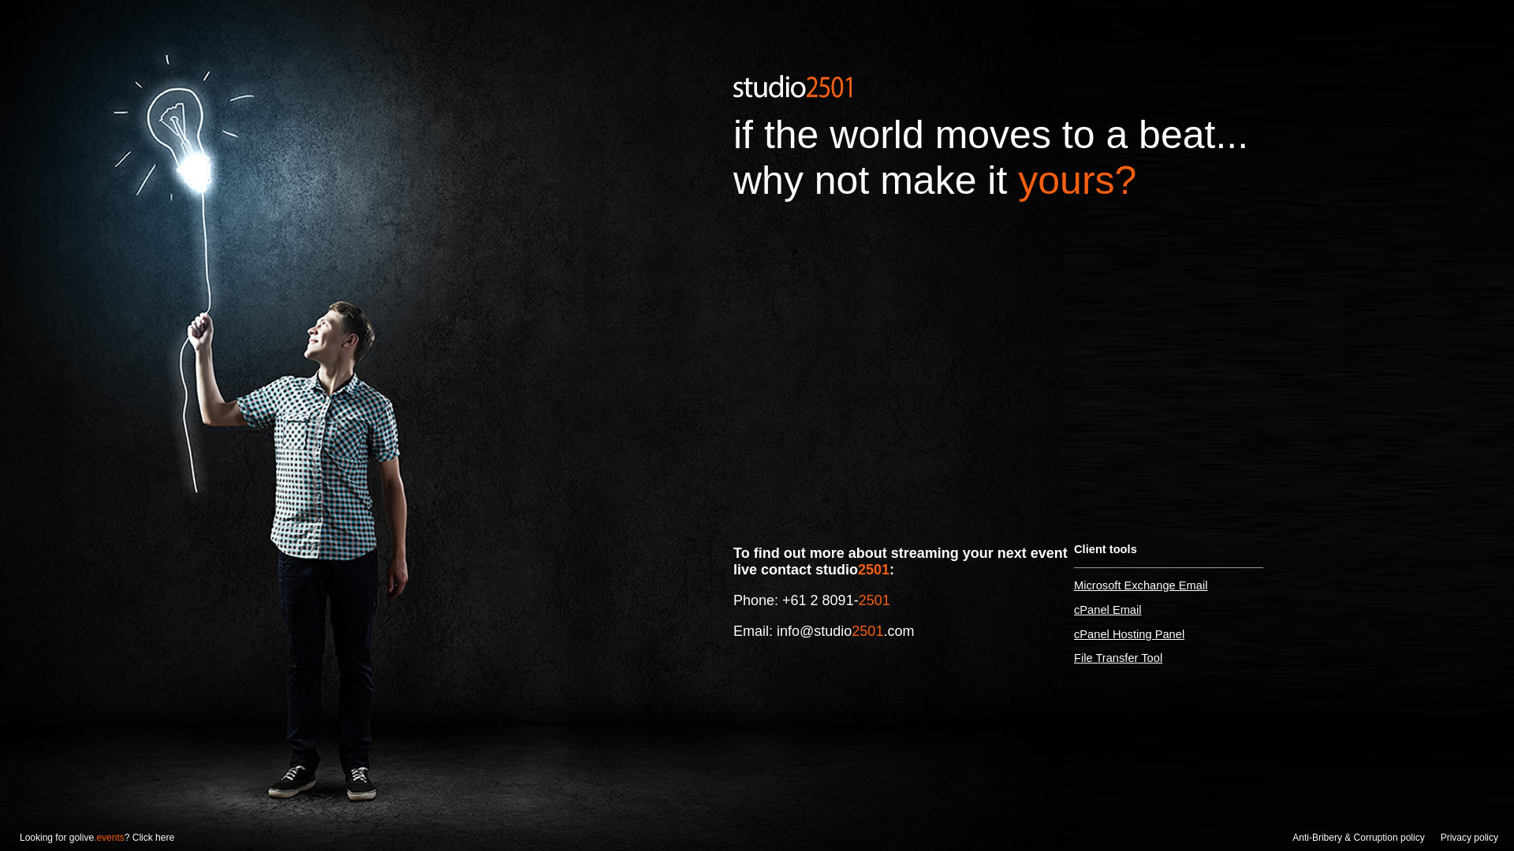 Image resolution: width=1514 pixels, height=851 pixels. What do you see at coordinates (1468, 837) in the screenshot?
I see `'Privacy policy'` at bounding box center [1468, 837].